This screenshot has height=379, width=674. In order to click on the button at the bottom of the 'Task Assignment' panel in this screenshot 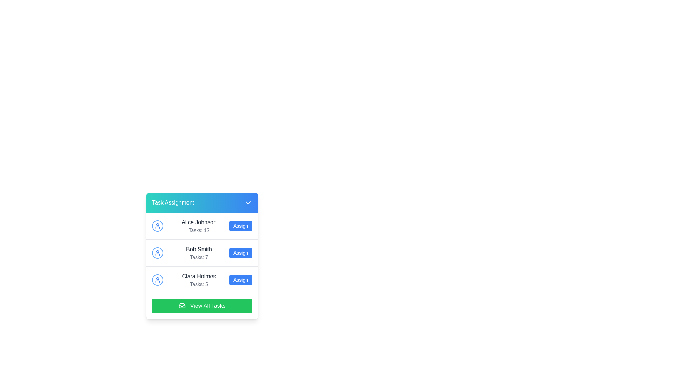, I will do `click(202, 305)`.